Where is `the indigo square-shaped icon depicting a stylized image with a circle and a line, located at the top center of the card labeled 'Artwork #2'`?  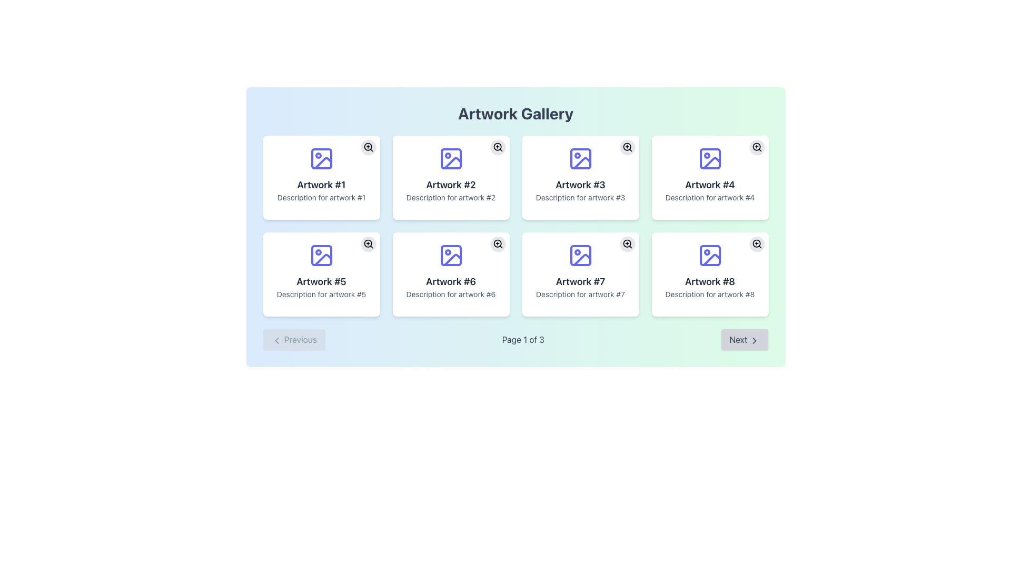 the indigo square-shaped icon depicting a stylized image with a circle and a line, located at the top center of the card labeled 'Artwork #2' is located at coordinates (451, 158).